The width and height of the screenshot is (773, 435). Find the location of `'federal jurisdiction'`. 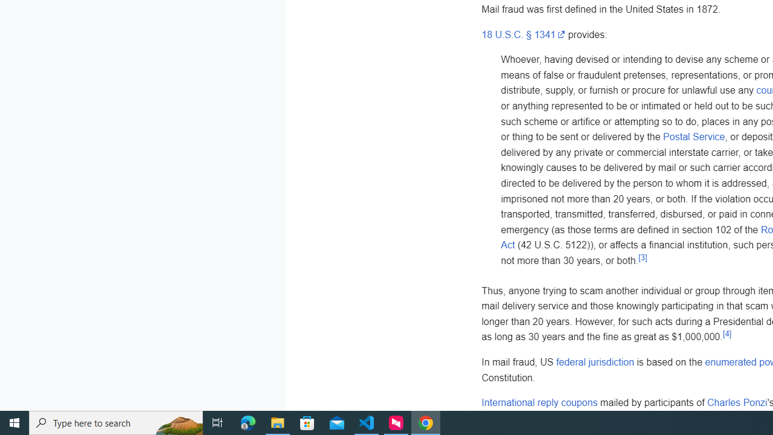

'federal jurisdiction' is located at coordinates (595, 361).